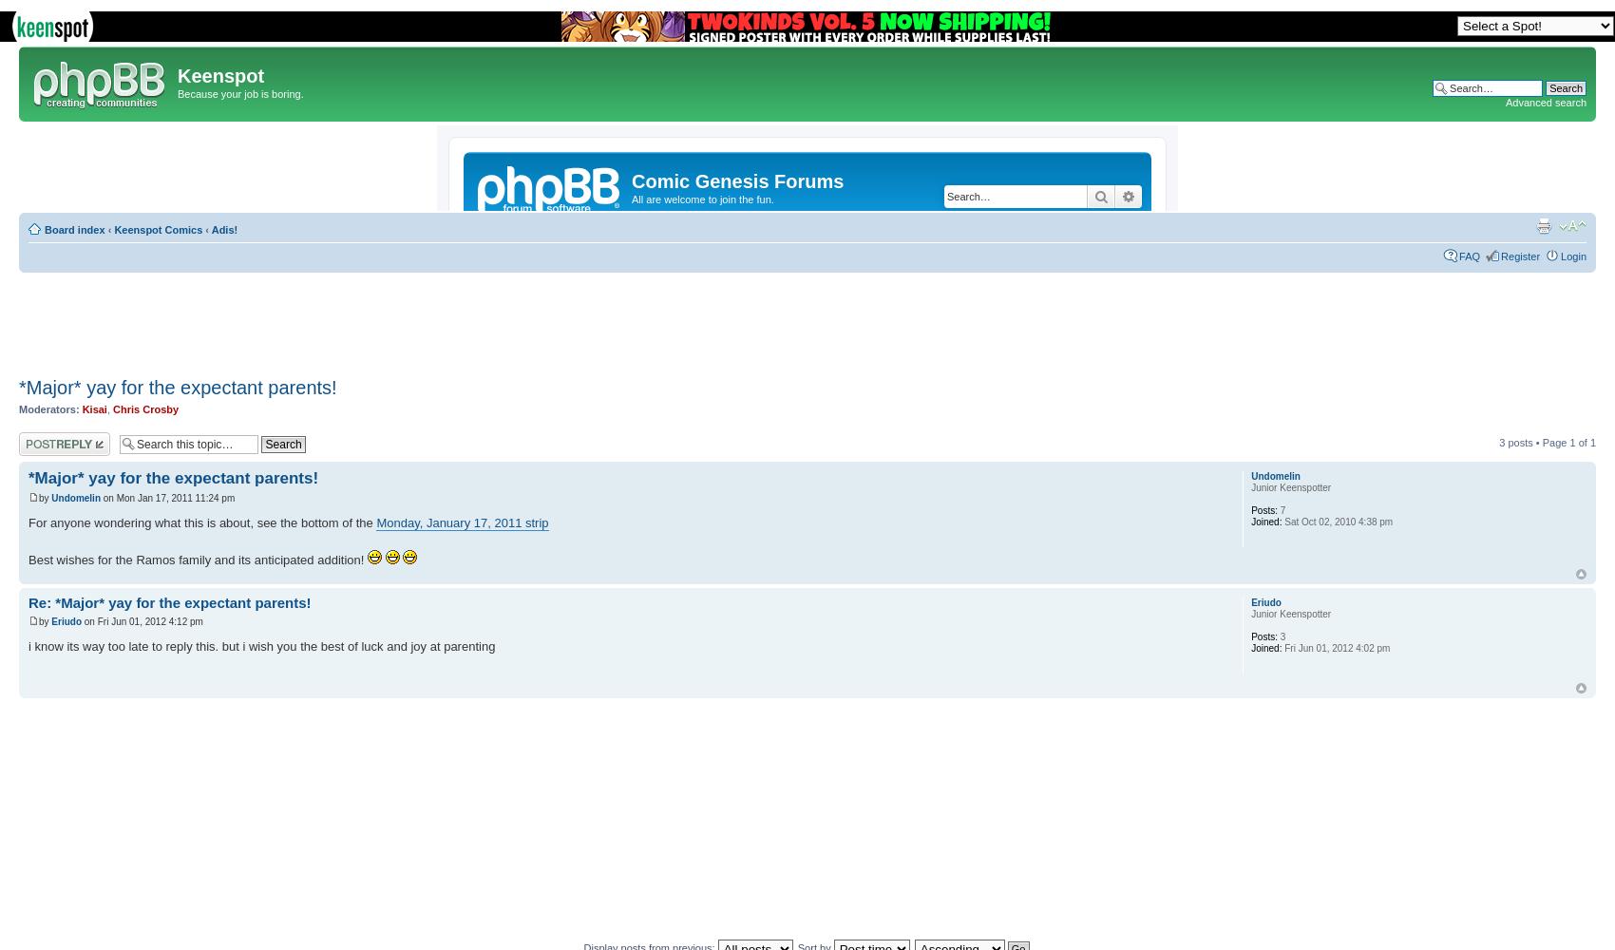 The image size is (1615, 950). Describe the element at coordinates (1281, 521) in the screenshot. I see `'Sat Oct 02, 2010 4:38 pm'` at that location.